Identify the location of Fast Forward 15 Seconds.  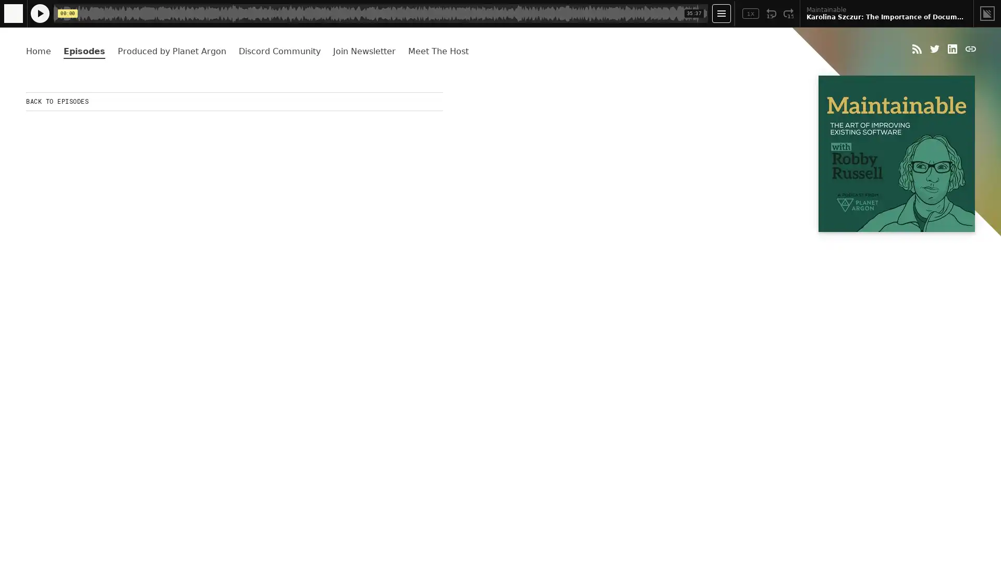
(788, 14).